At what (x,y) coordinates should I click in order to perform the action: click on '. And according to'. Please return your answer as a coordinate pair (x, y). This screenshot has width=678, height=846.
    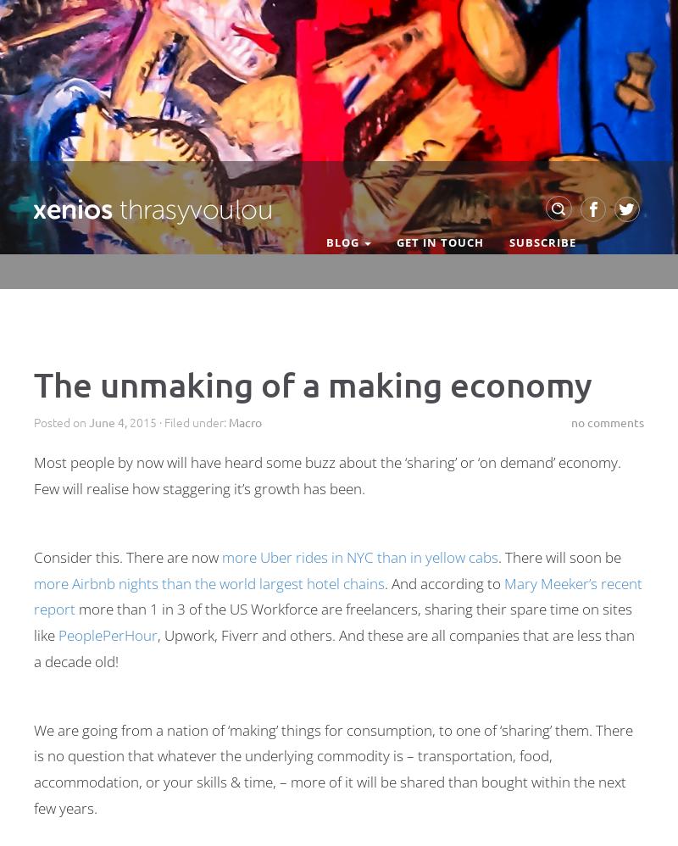
    Looking at the image, I should click on (384, 582).